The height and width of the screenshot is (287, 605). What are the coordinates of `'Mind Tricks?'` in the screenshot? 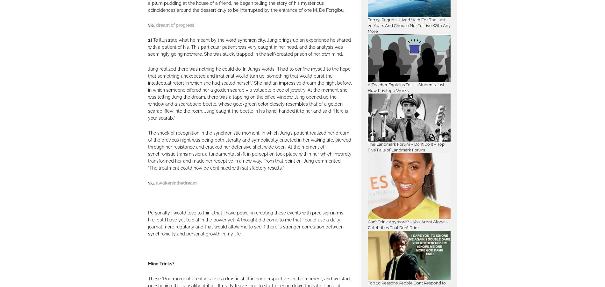 It's located at (161, 264).